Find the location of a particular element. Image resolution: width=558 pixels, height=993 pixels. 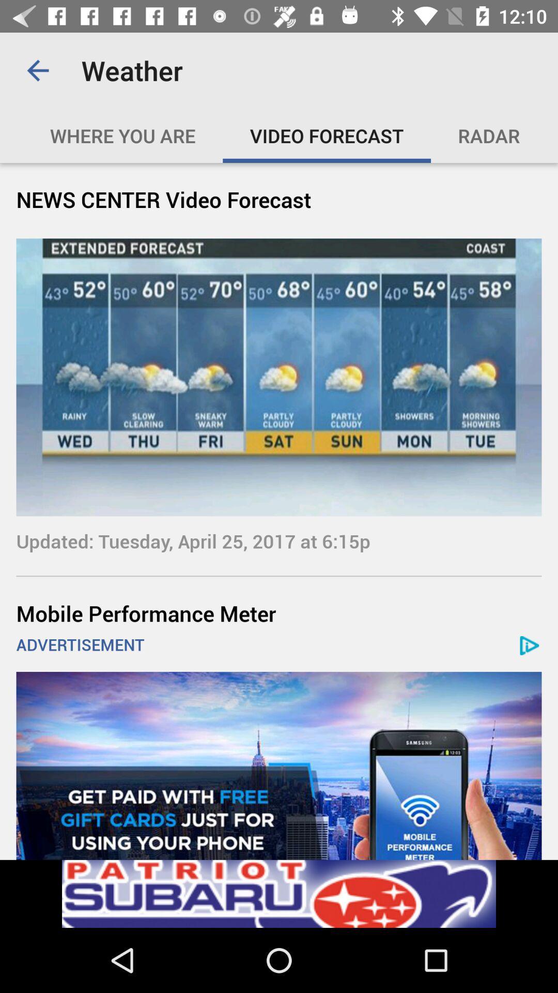

the text above advertisement is located at coordinates (279, 613).